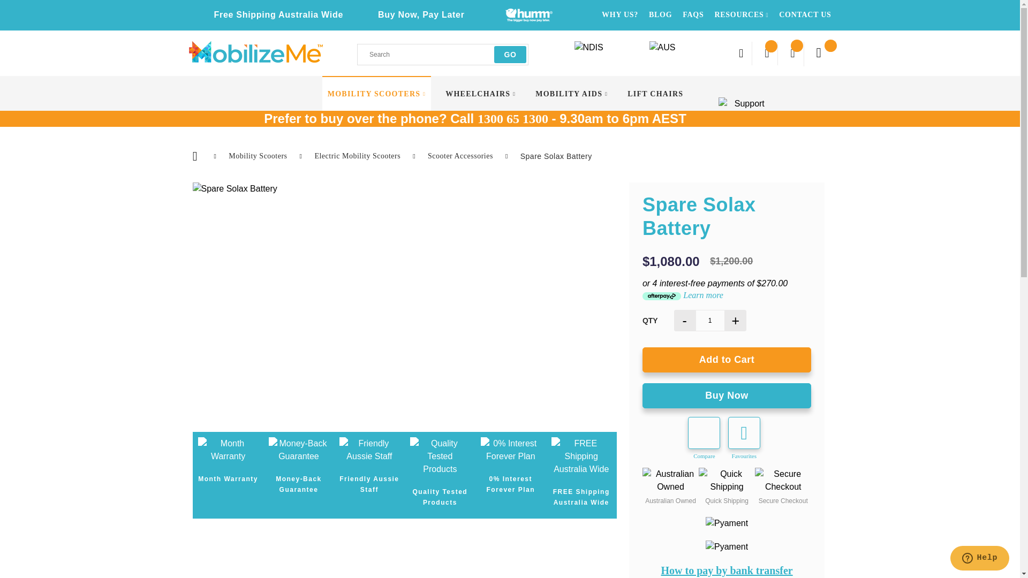 This screenshot has height=578, width=1028. Describe the element at coordinates (745, 108) in the screenshot. I see `'Support'` at that location.